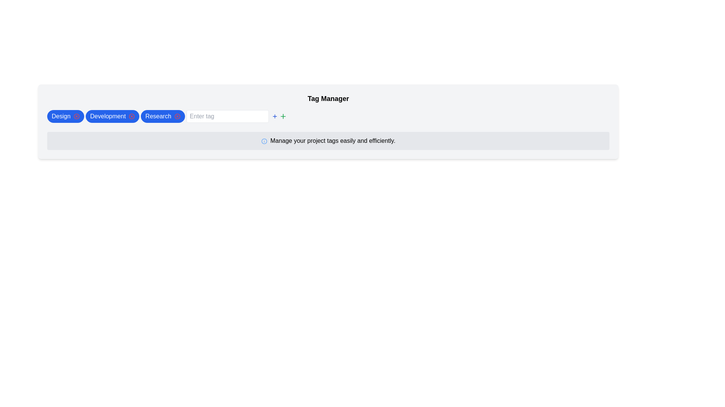 The width and height of the screenshot is (725, 407). I want to click on the circular close icon with a cross inside, located on the left side of the 'Development' button, so click(132, 116).